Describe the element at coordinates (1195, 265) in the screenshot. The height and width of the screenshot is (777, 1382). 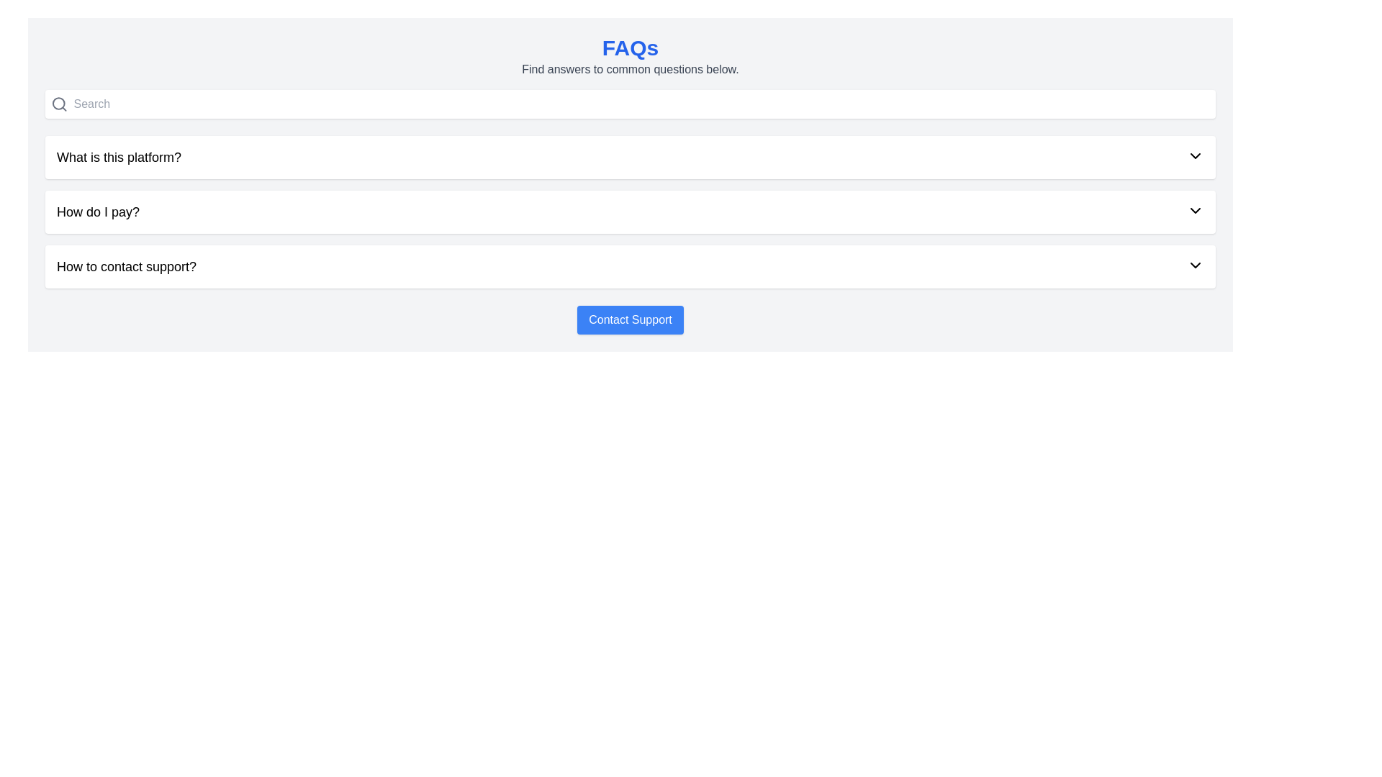
I see `the chevron icon aligned to the far right of the row associated with the text 'How to contact support?'` at that location.